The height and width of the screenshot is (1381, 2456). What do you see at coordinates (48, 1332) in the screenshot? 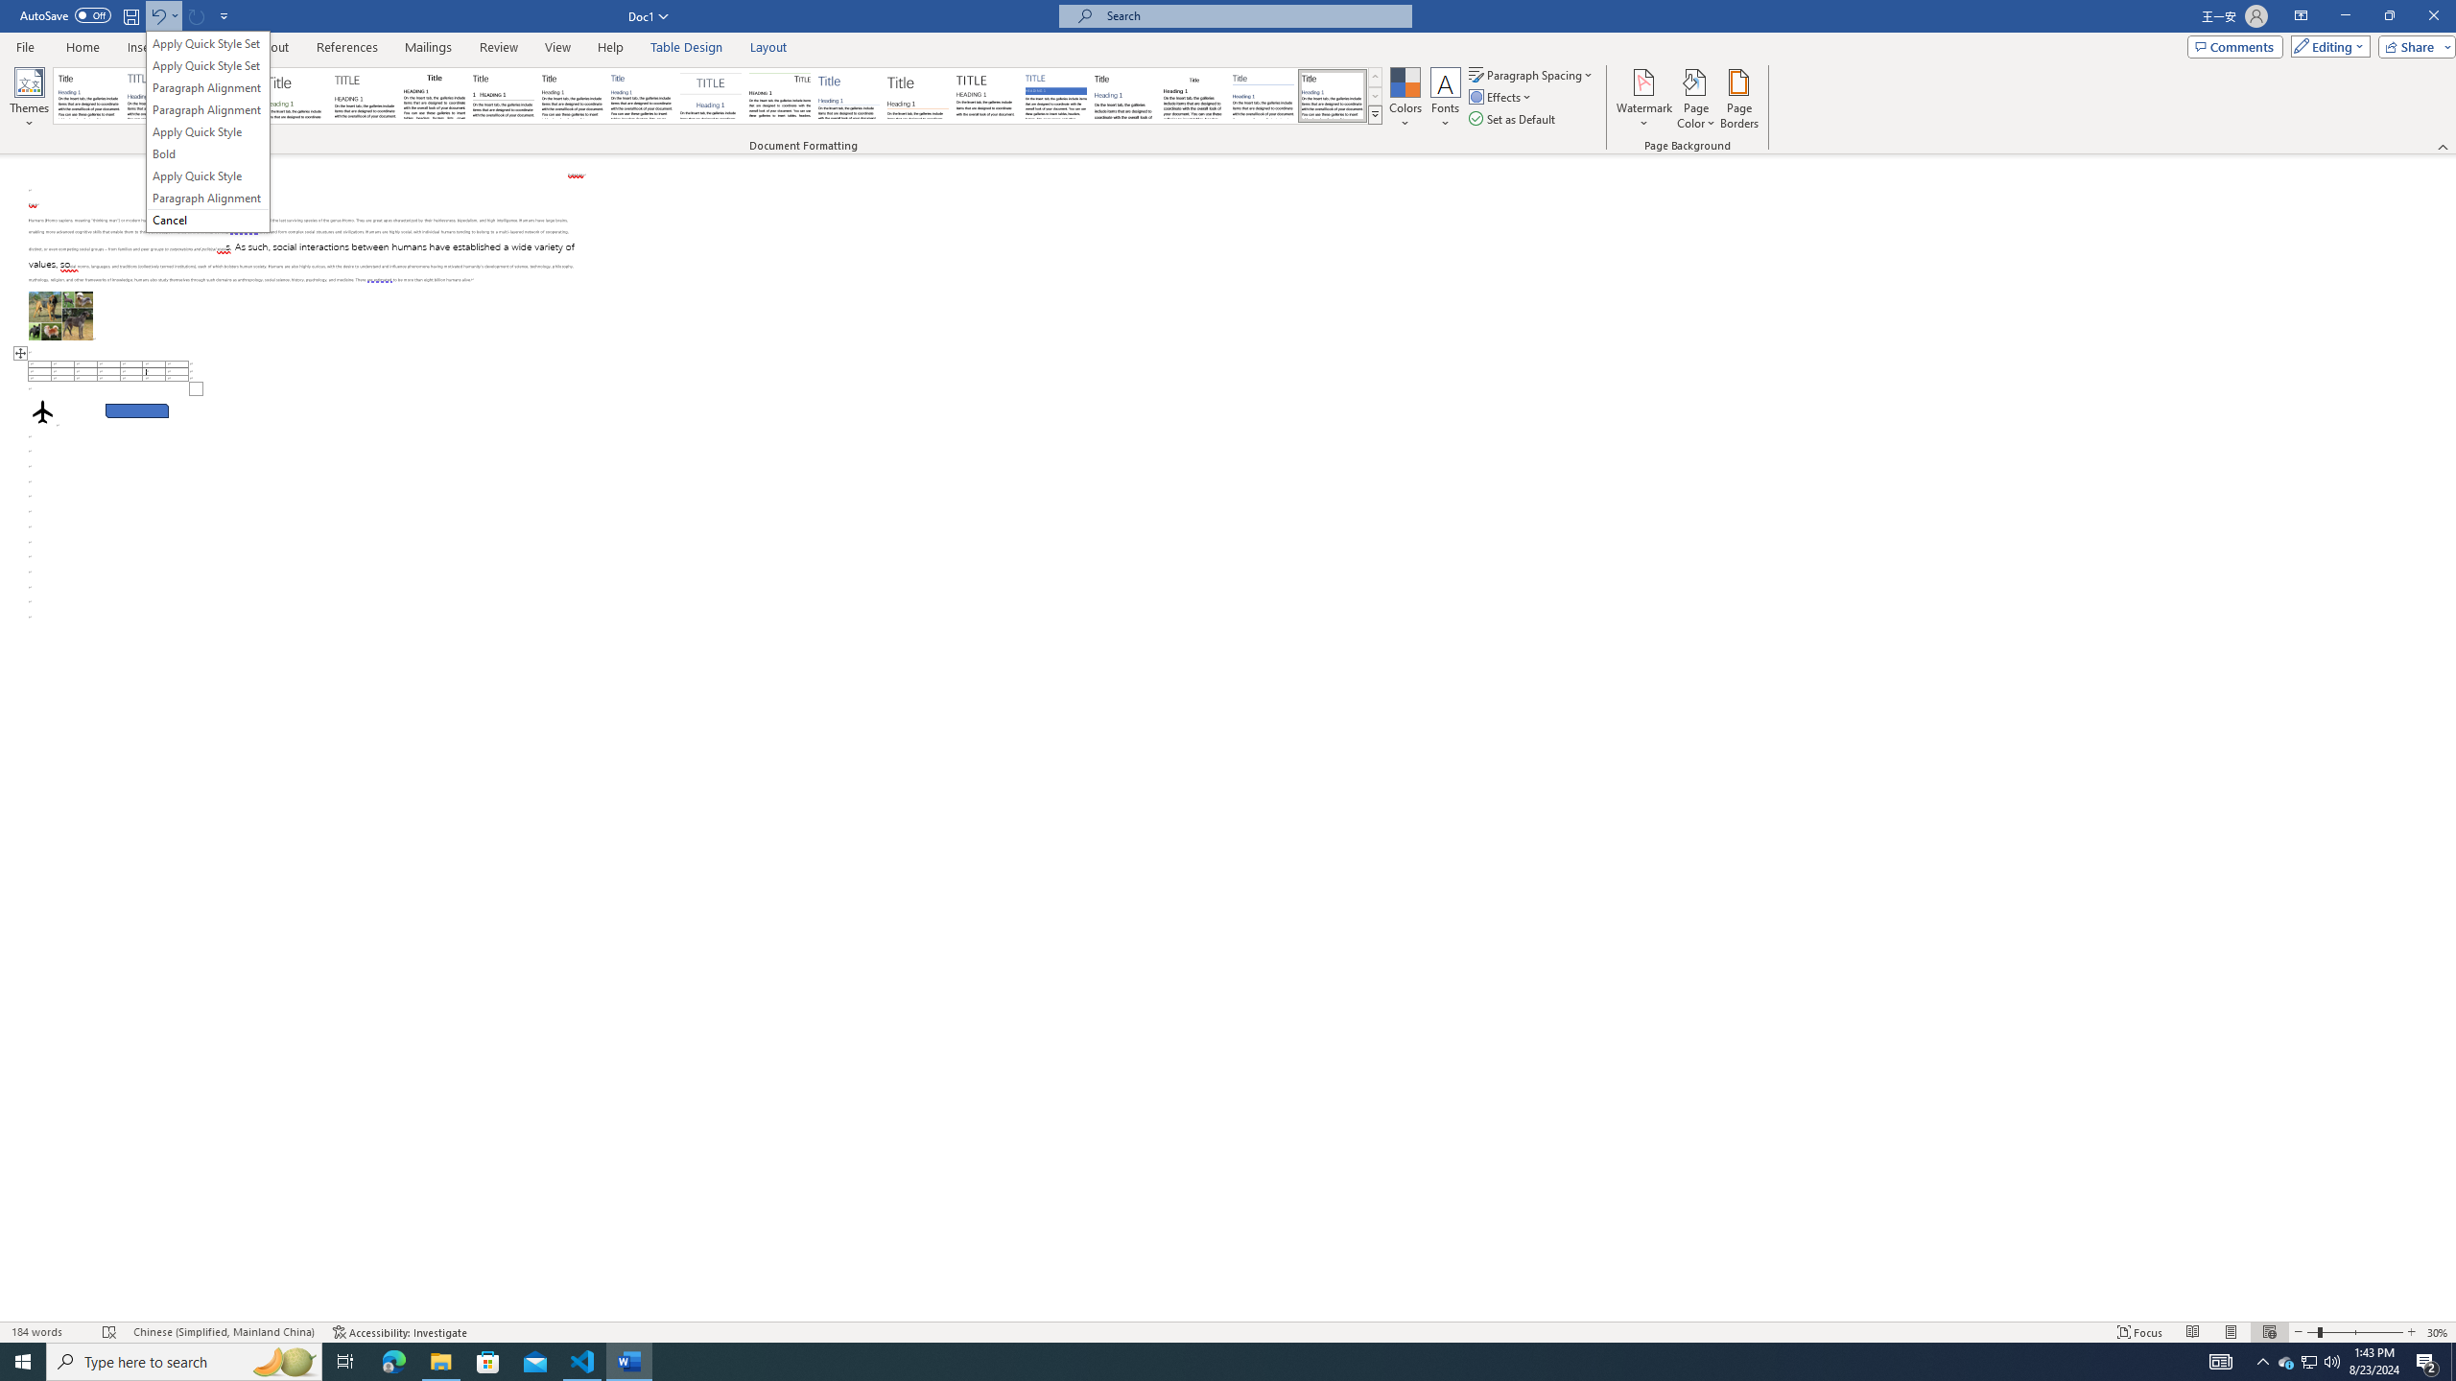
I see `'Word Count 184 words'` at bounding box center [48, 1332].